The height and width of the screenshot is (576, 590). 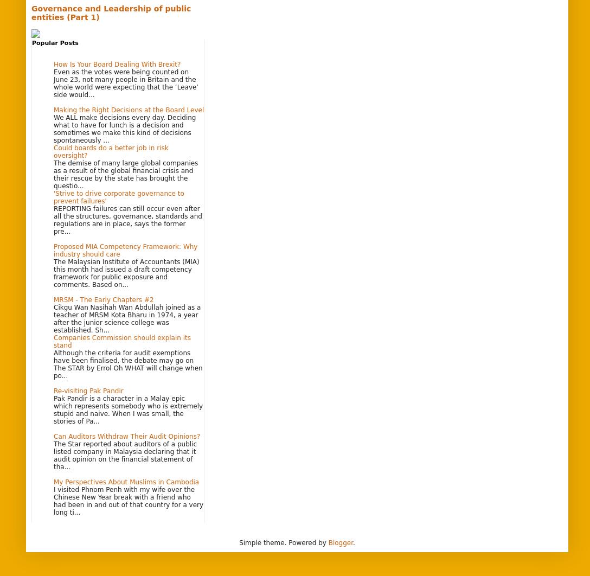 I want to click on 'My Perspectives About Muslims in Cambodia', so click(x=126, y=481).